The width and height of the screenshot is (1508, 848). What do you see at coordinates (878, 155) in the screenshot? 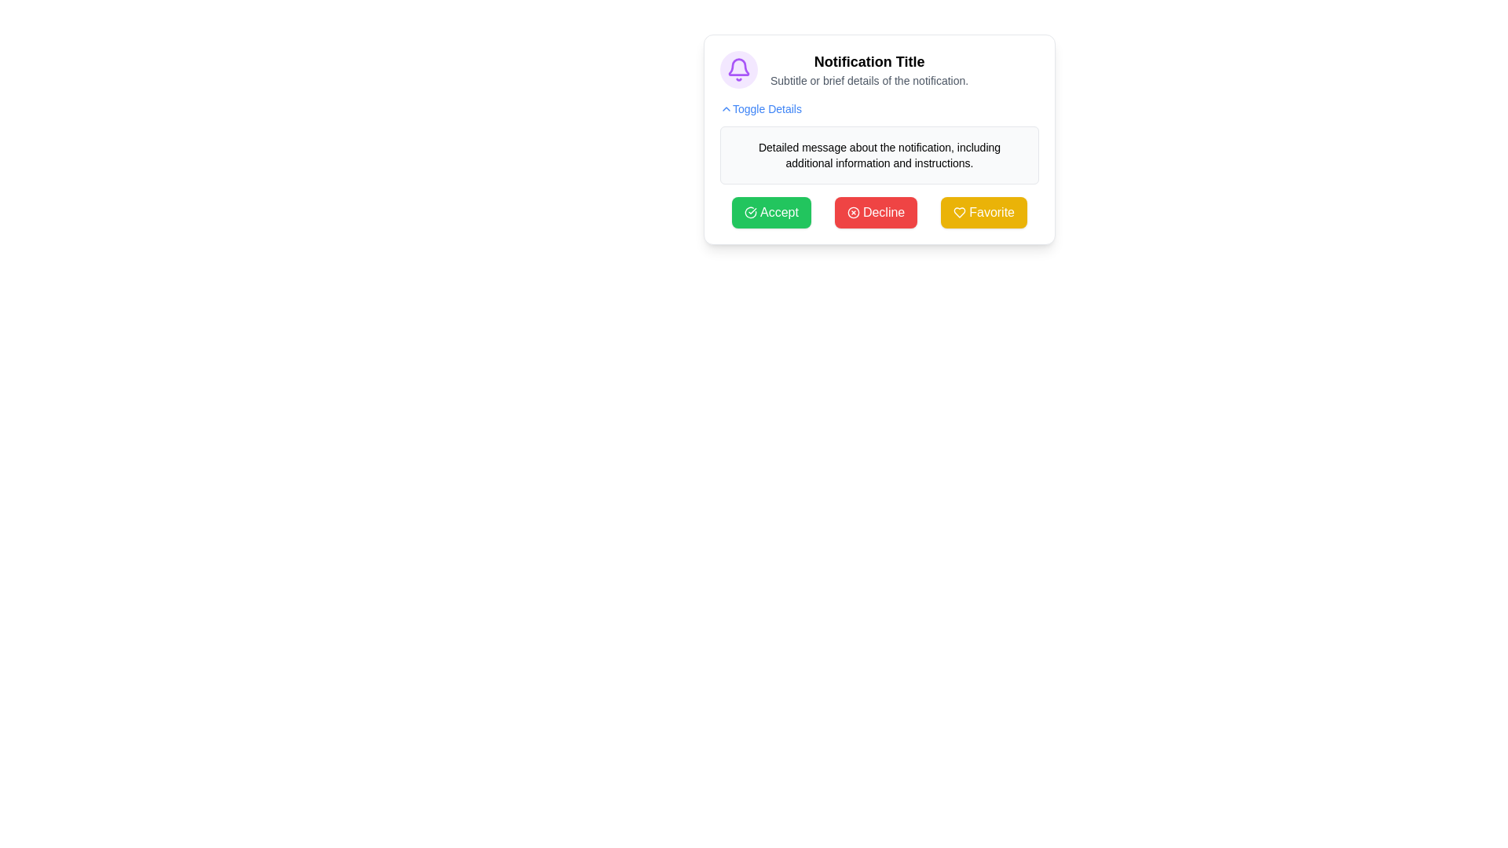
I see `the static text label that provides additional context or instructions related to the notification displayed, which is centrally located within the notification box below the 'Notification Title'` at bounding box center [878, 155].